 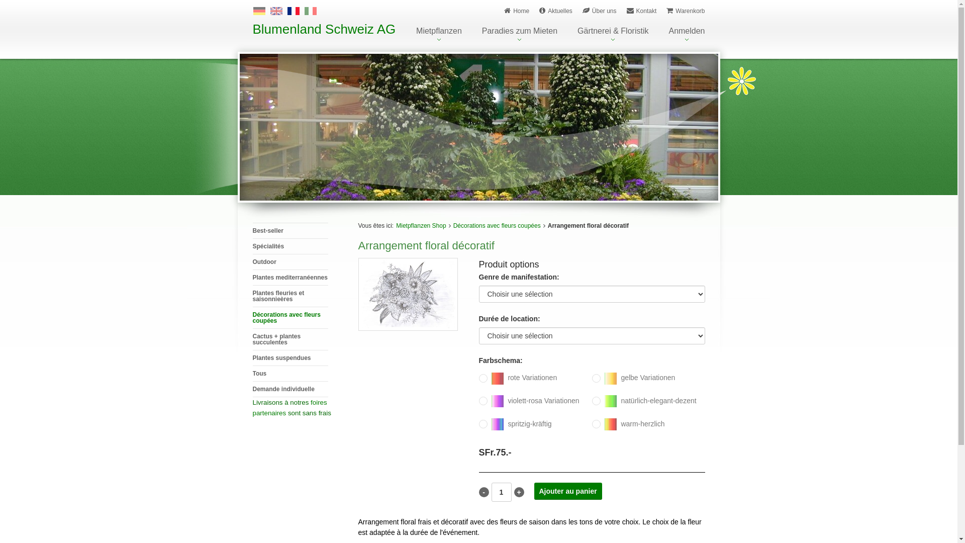 I want to click on 'Best-seller', so click(x=289, y=230).